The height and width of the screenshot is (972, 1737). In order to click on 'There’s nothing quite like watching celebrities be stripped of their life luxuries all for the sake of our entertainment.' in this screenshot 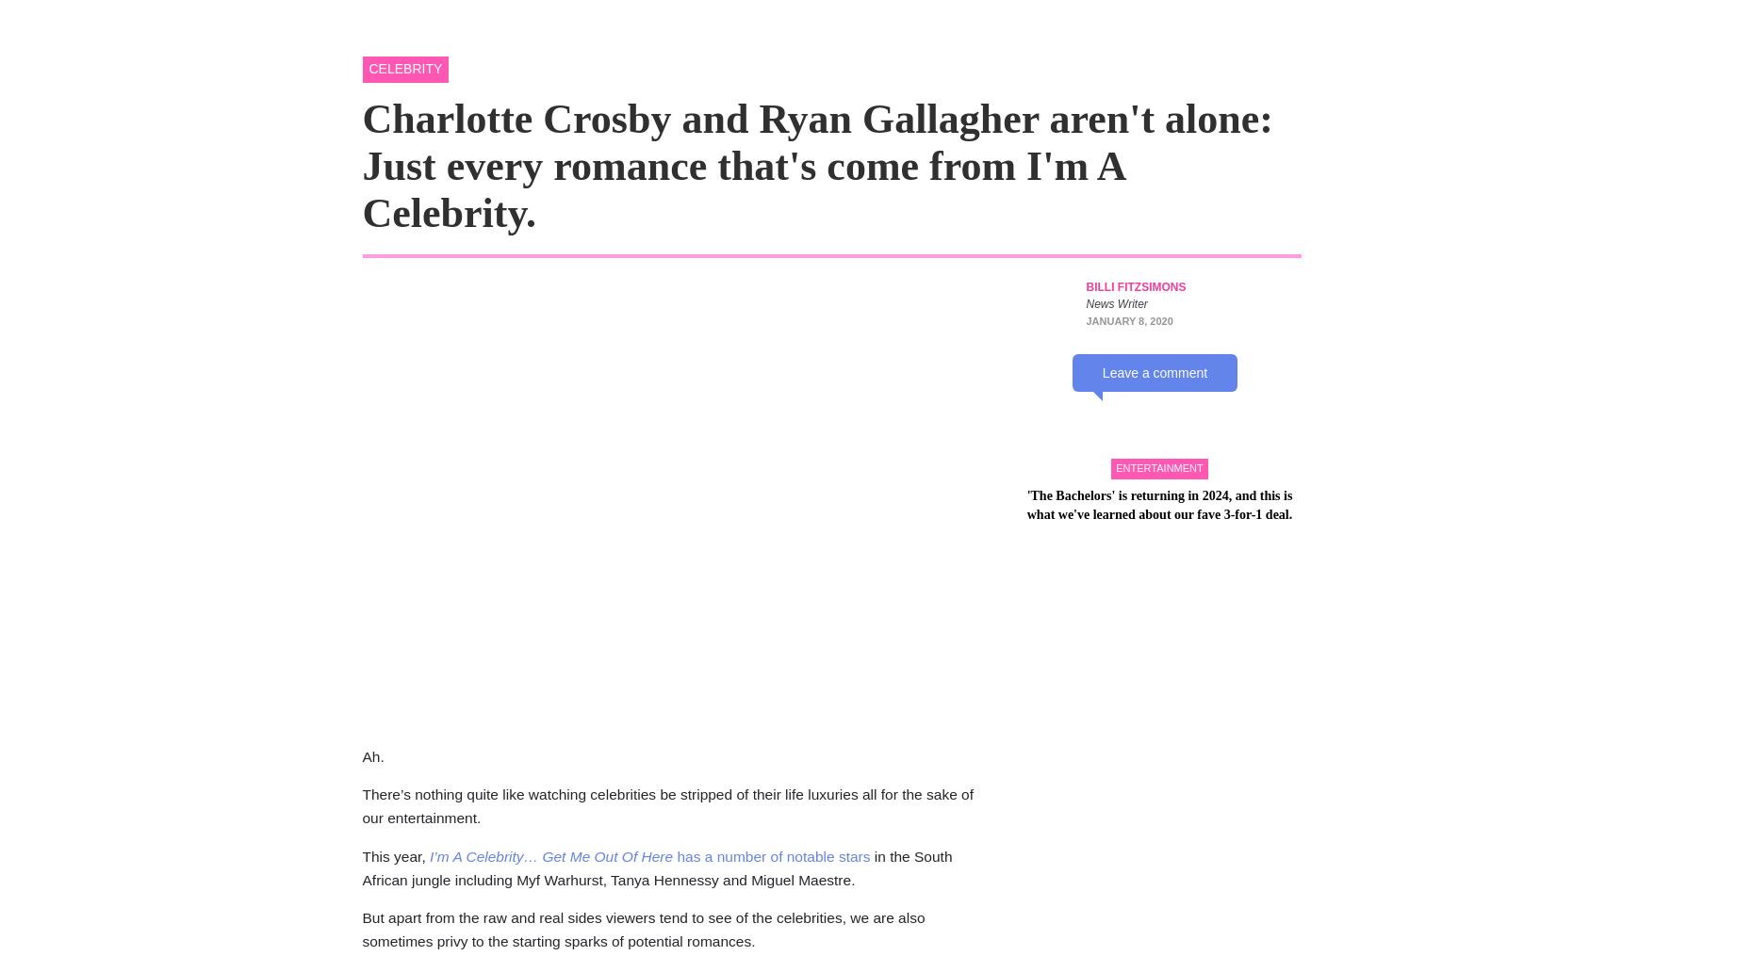, I will do `click(362, 806)`.